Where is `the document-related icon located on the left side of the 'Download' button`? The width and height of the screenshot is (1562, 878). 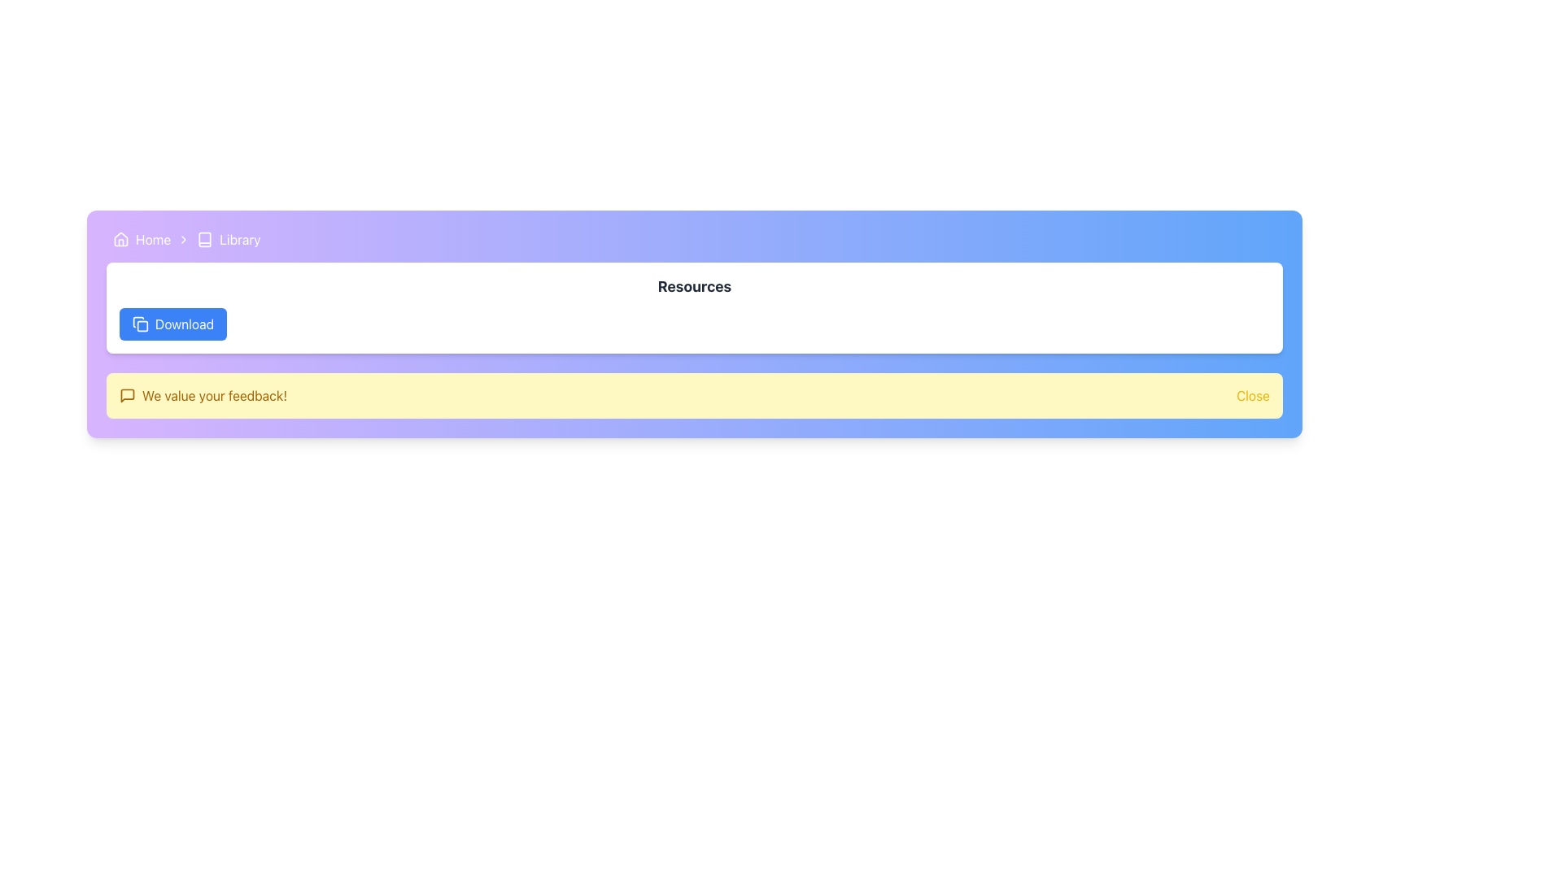 the document-related icon located on the left side of the 'Download' button is located at coordinates (138, 322).